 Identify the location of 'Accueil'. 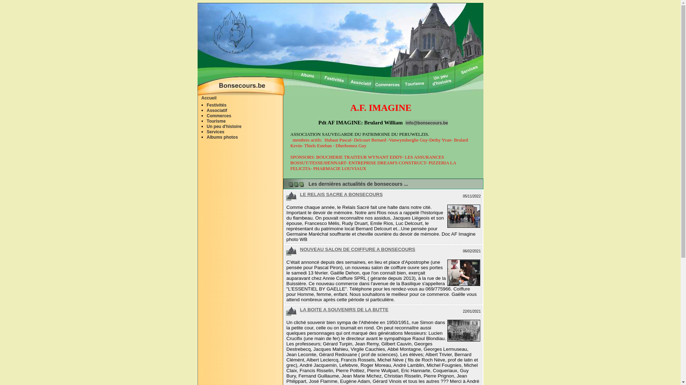
(209, 98).